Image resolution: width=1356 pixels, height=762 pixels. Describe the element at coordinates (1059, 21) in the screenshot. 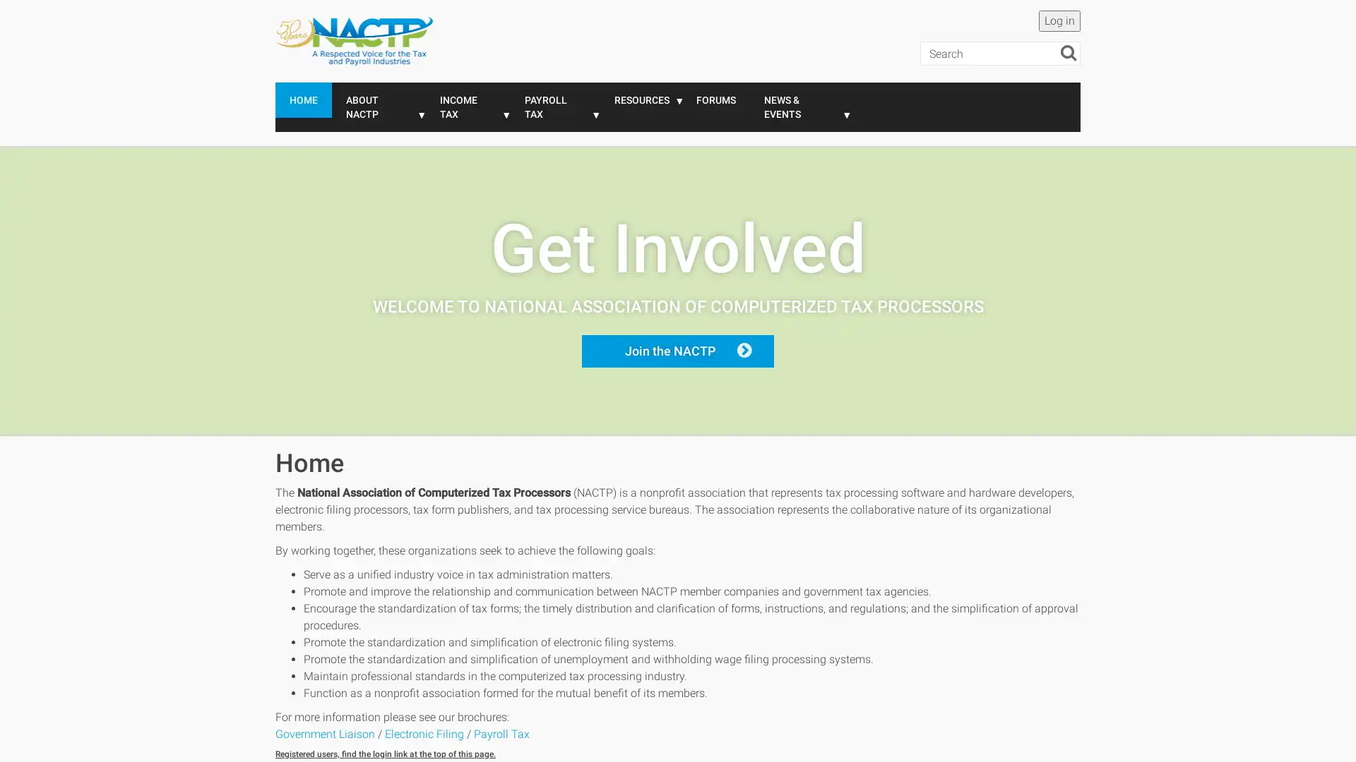

I see `Log in` at that location.